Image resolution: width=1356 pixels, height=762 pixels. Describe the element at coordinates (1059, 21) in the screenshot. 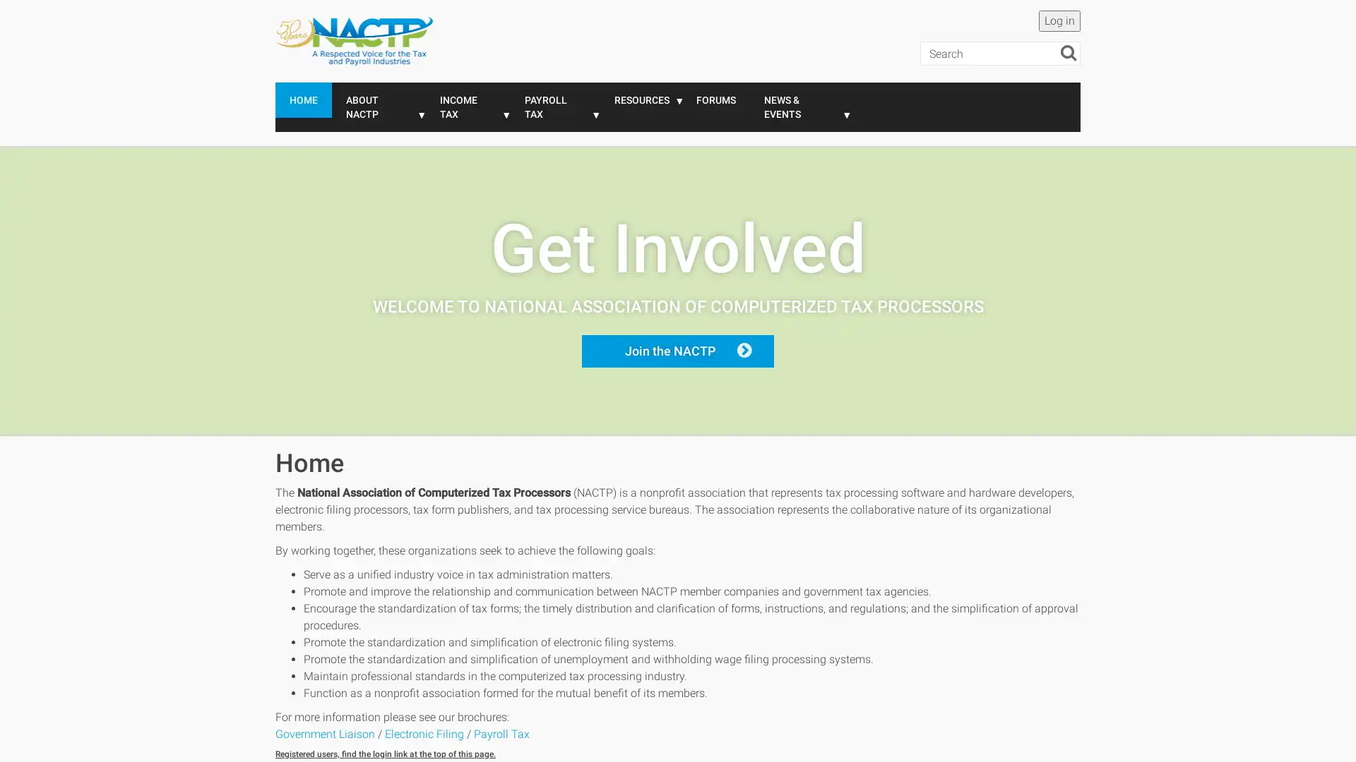

I see `Log in` at that location.